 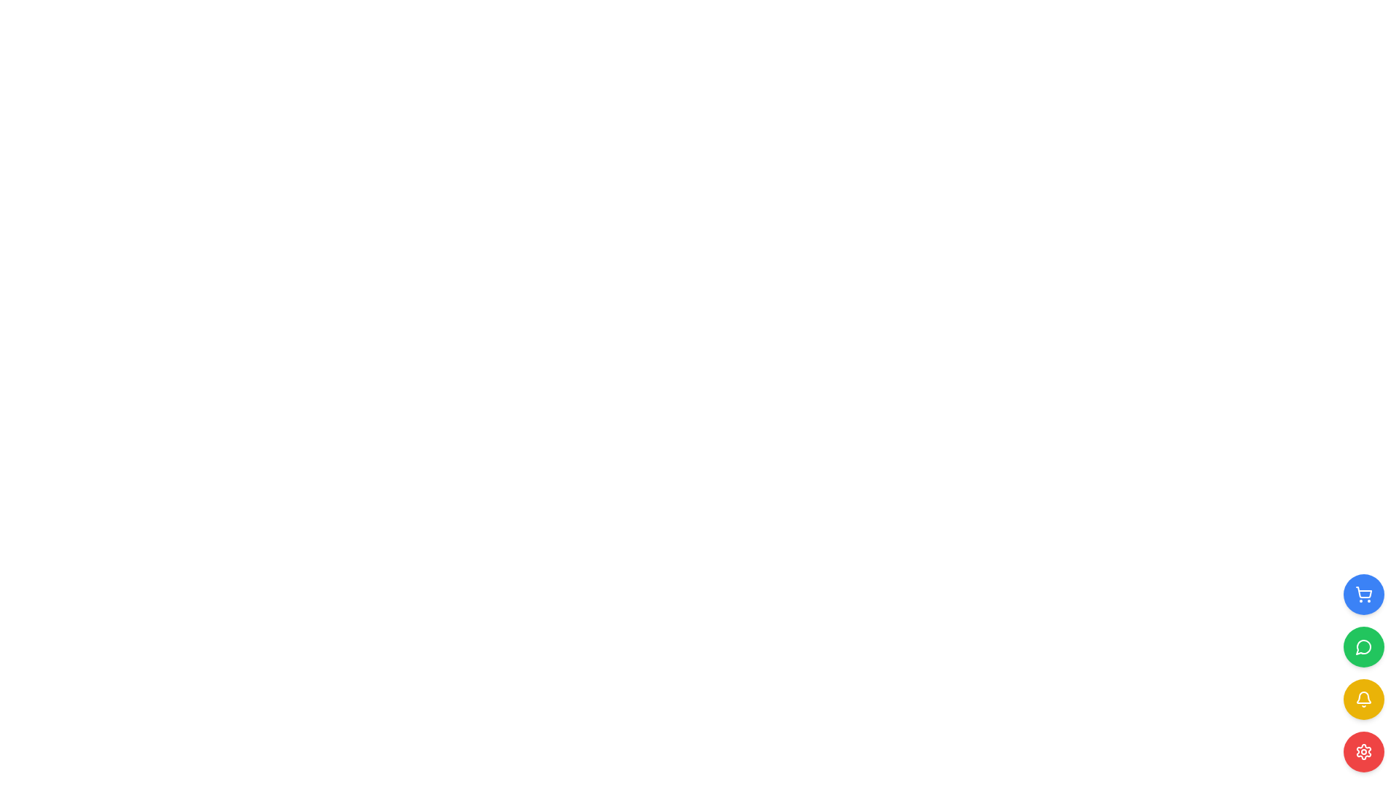 What do you see at coordinates (1363, 646) in the screenshot?
I see `the green circular button with a speech bubble icon located in the third position of a vertical array of buttons` at bounding box center [1363, 646].